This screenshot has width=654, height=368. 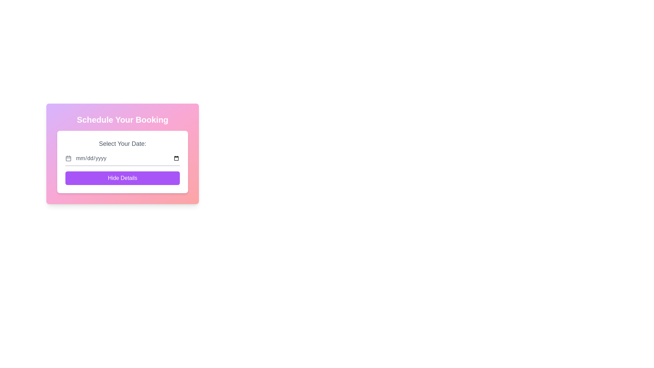 What do you see at coordinates (68, 158) in the screenshot?
I see `the calendar icon in the booking interface, which is a small vector graphic with gray lines outlining a calendar, located to the left of the date input field` at bounding box center [68, 158].